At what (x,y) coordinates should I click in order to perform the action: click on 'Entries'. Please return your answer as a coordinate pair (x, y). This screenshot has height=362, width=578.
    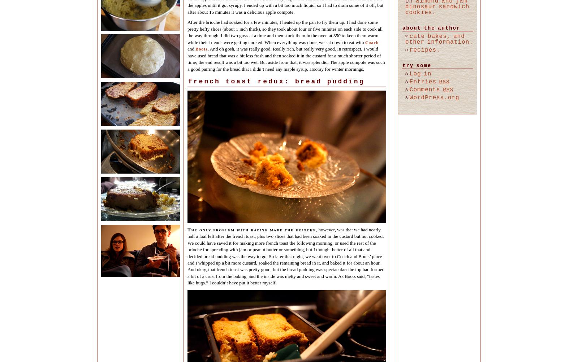
    Looking at the image, I should click on (424, 82).